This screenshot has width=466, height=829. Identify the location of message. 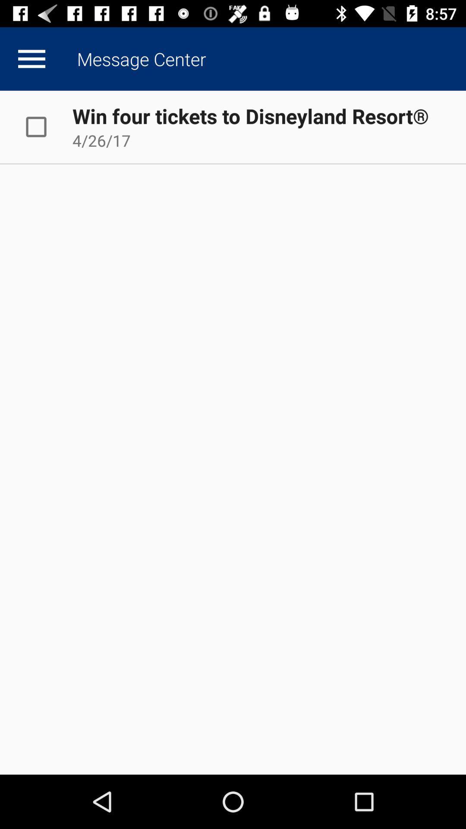
(45, 126).